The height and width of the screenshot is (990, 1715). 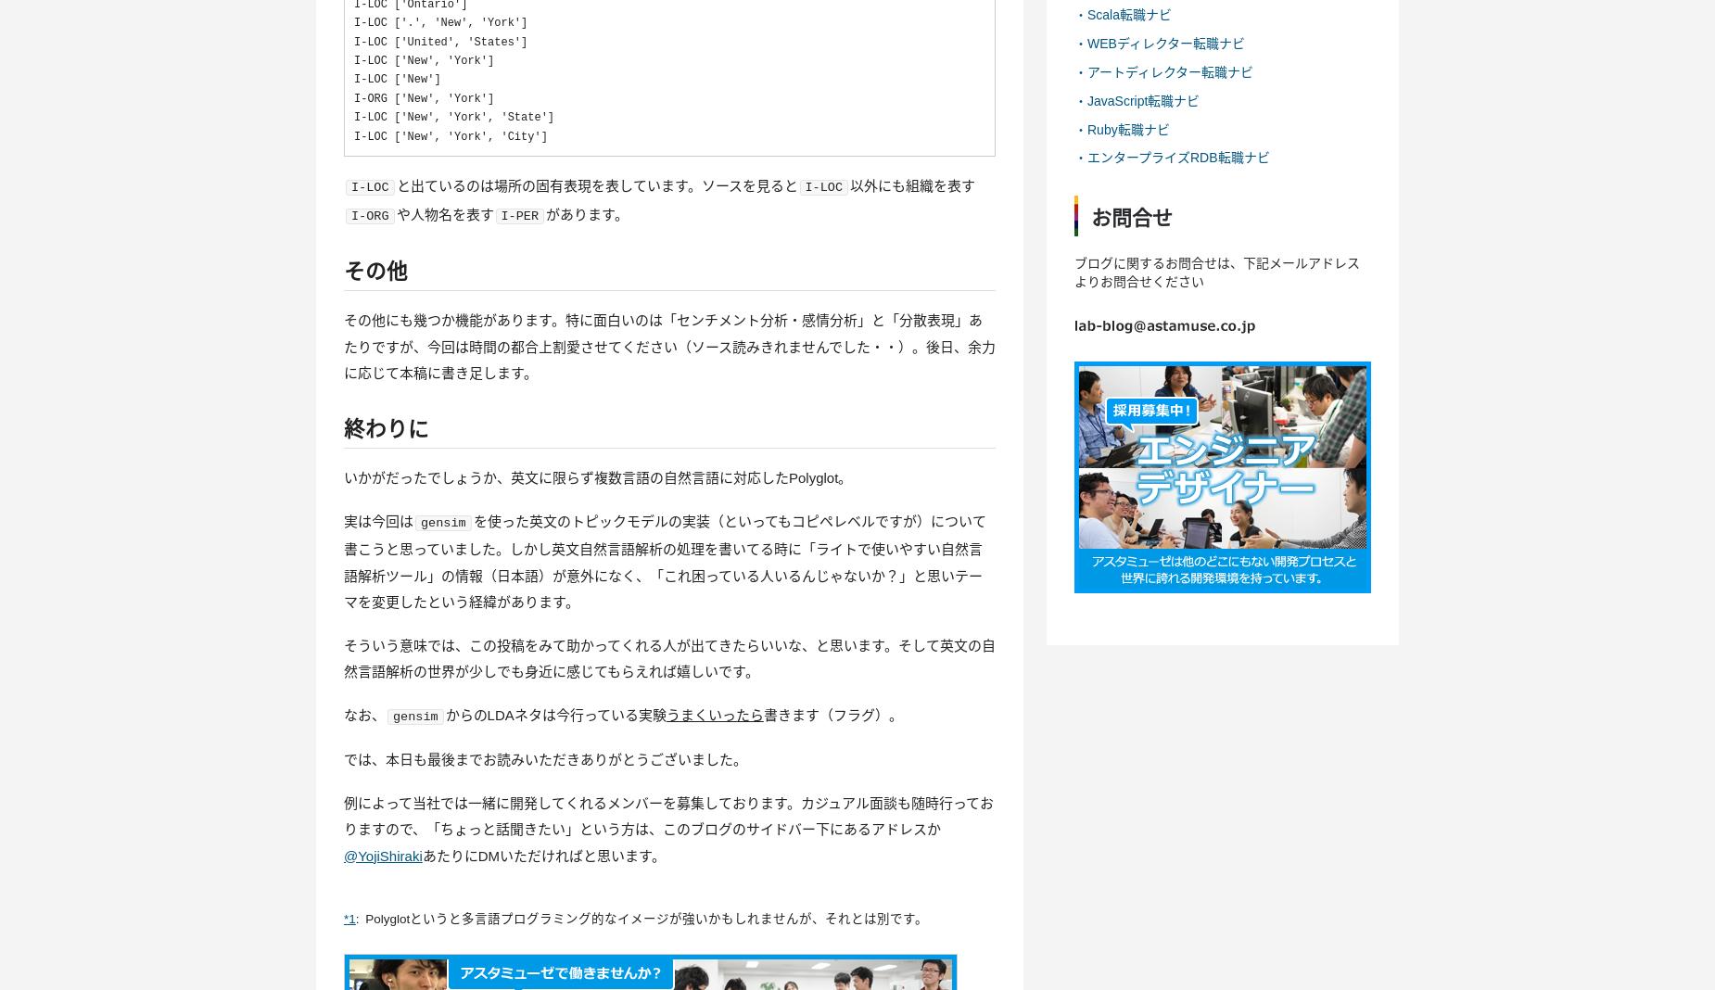 What do you see at coordinates (597, 477) in the screenshot?
I see `'いかがだったでしょうか、英文に限らず複数言語の自然言語に対応したPolyglot。'` at bounding box center [597, 477].